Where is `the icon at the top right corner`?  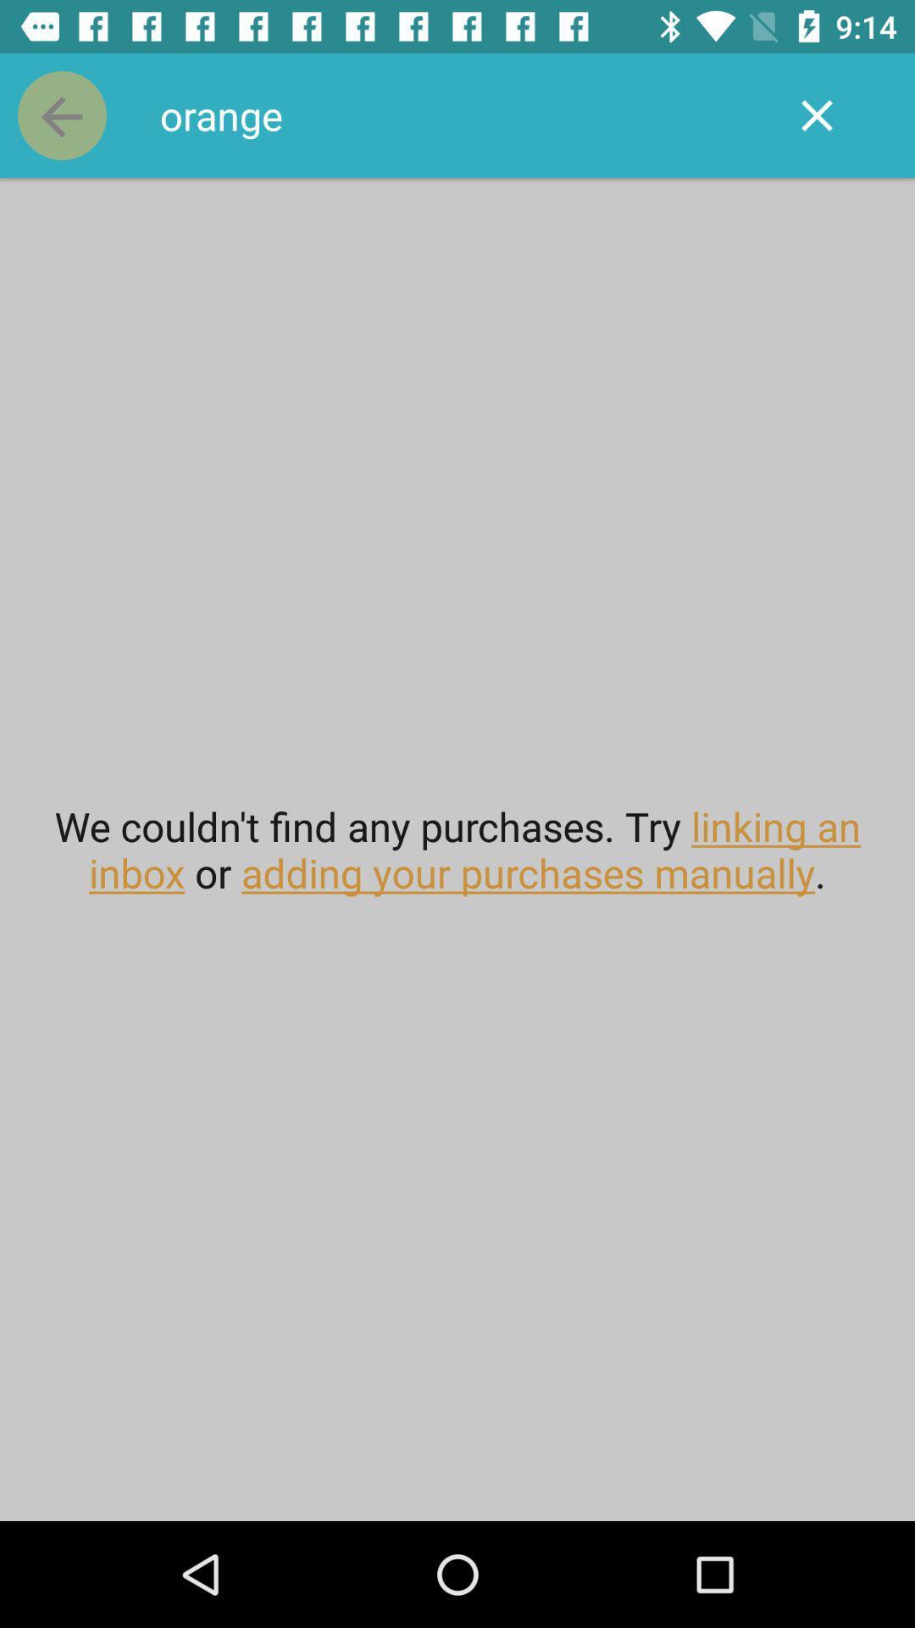
the icon at the top right corner is located at coordinates (816, 114).